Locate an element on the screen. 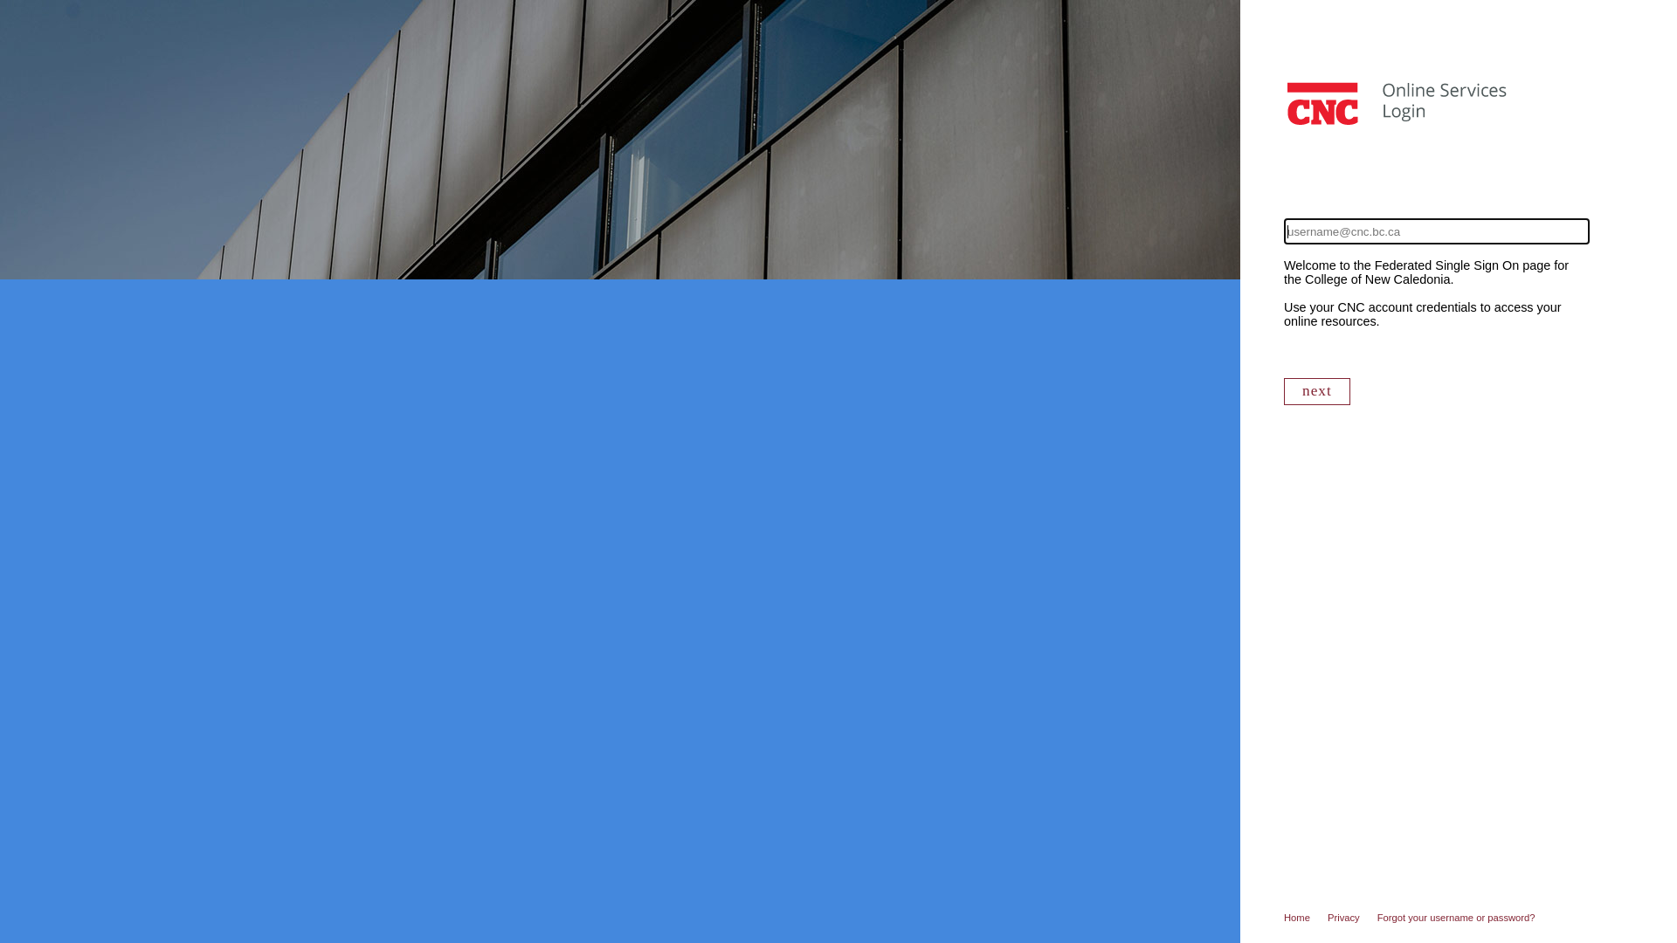  'Forgot your username or password?' is located at coordinates (1377, 916).